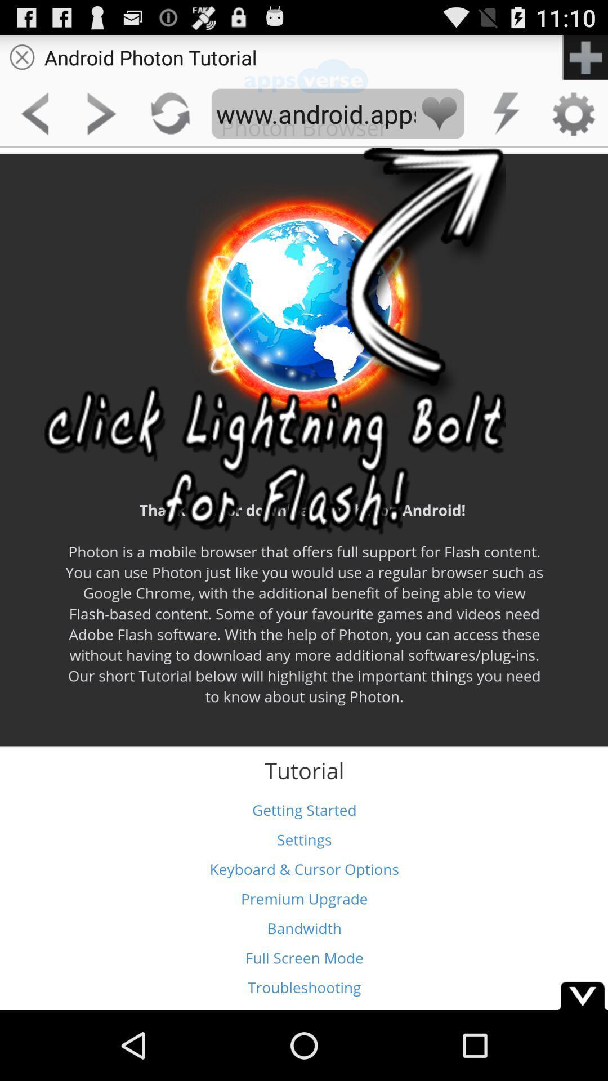  I want to click on the expand_more icon, so click(583, 1058).